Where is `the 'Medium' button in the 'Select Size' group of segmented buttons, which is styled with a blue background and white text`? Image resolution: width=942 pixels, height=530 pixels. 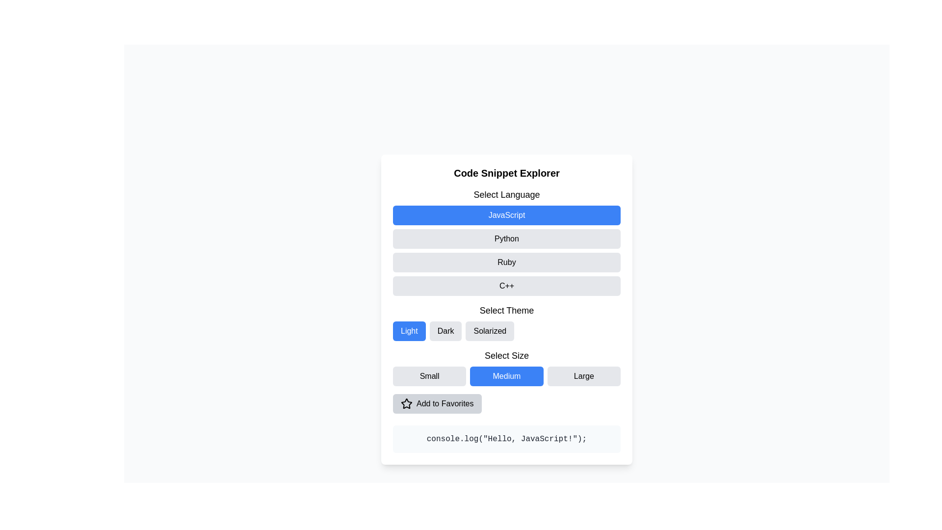 the 'Medium' button in the 'Select Size' group of segmented buttons, which is styled with a blue background and white text is located at coordinates (506, 367).